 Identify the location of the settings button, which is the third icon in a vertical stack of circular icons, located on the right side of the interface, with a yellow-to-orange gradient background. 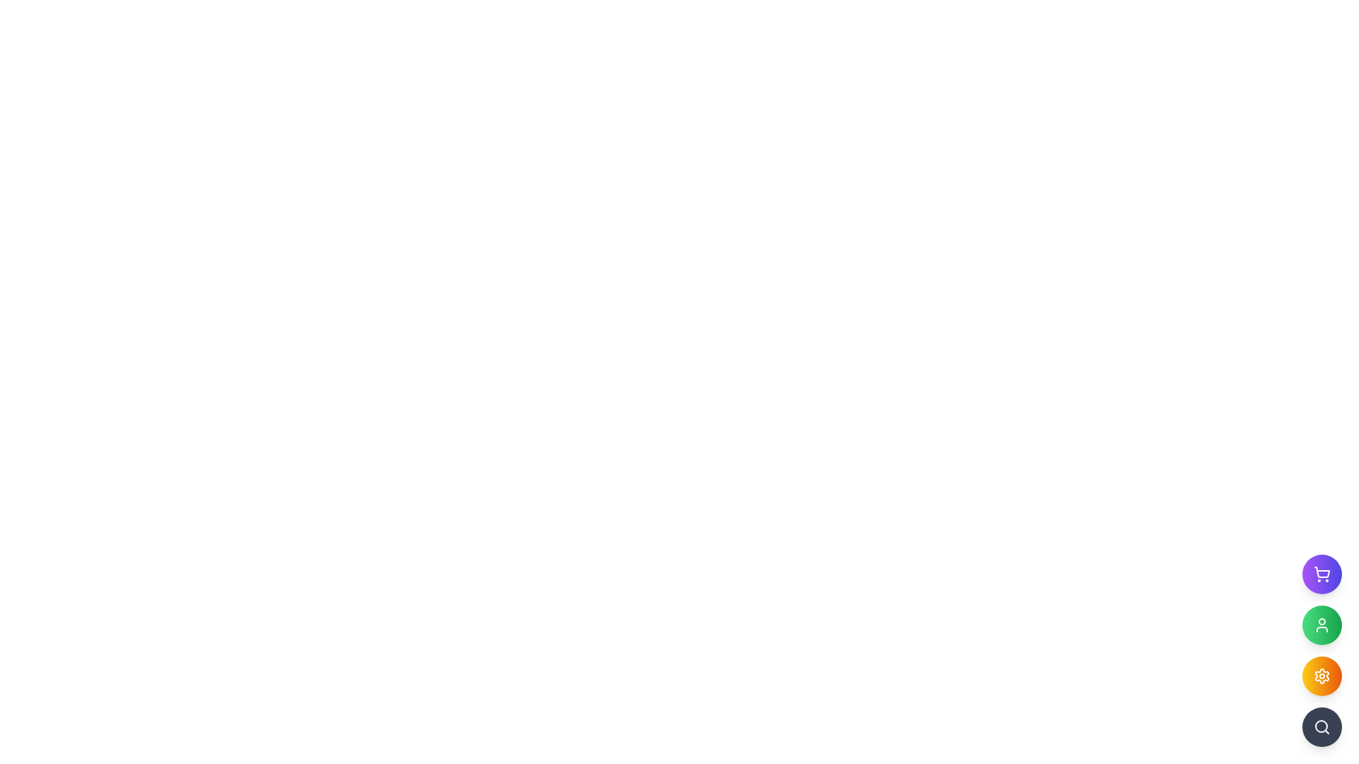
(1321, 676).